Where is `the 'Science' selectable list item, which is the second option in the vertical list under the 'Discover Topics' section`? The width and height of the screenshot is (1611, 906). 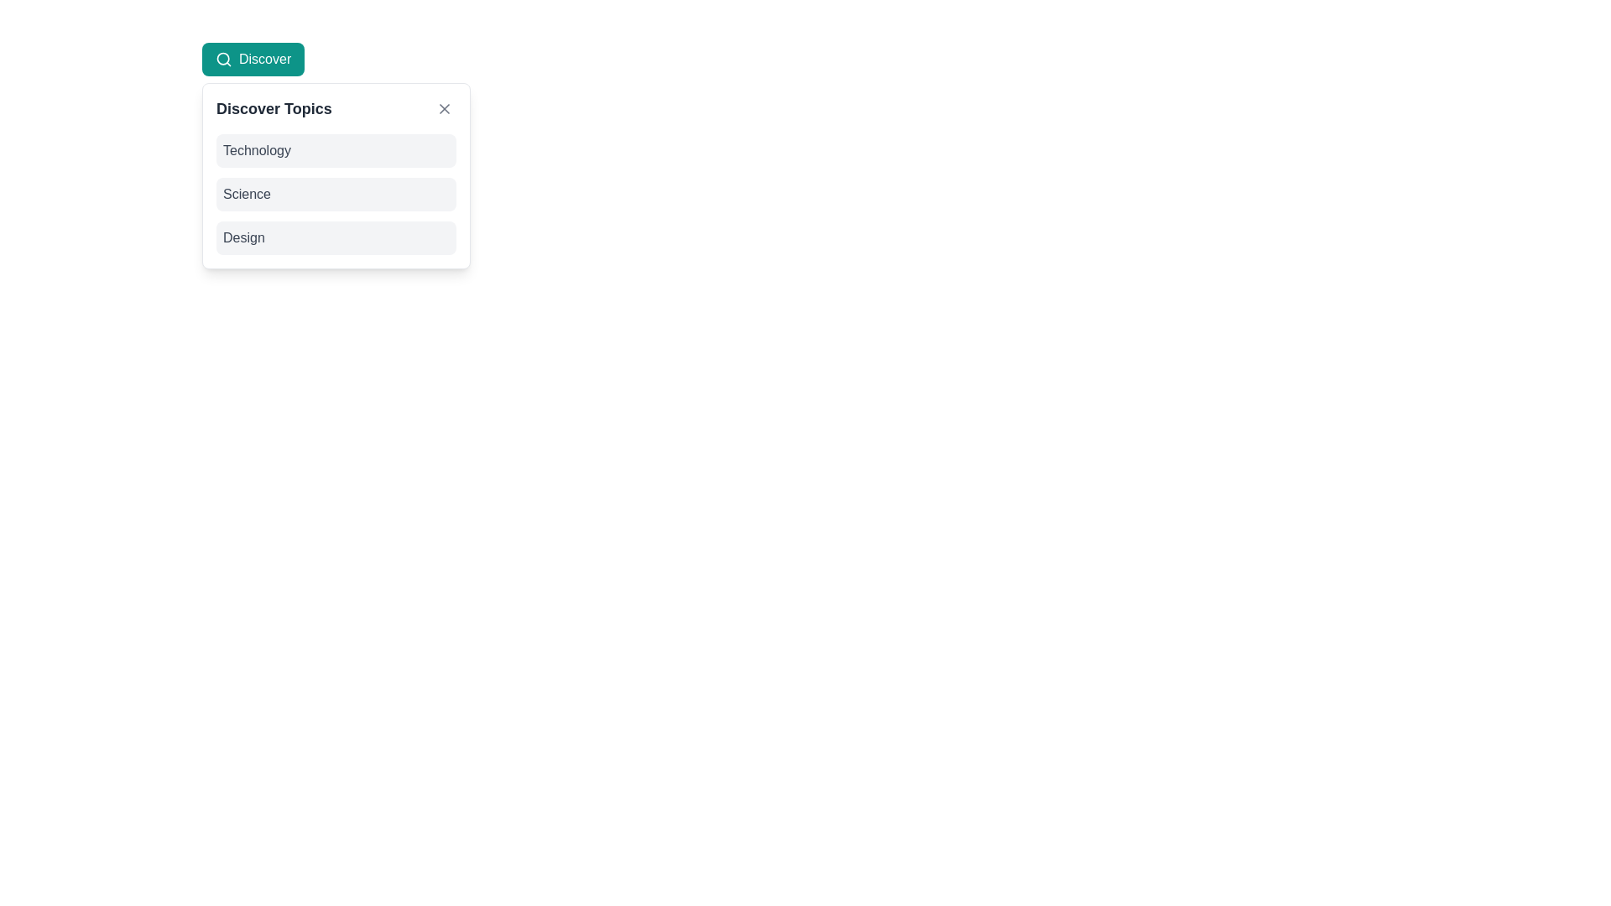
the 'Science' selectable list item, which is the second option in the vertical list under the 'Discover Topics' section is located at coordinates (336, 193).